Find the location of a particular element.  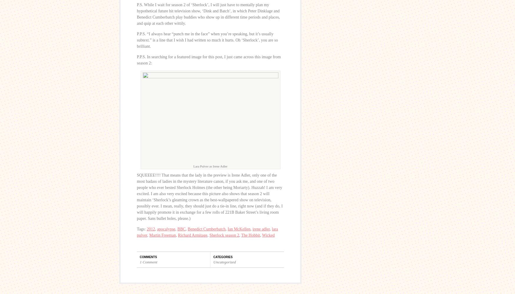

'Lara Pulver as Irene Adler' is located at coordinates (210, 166).